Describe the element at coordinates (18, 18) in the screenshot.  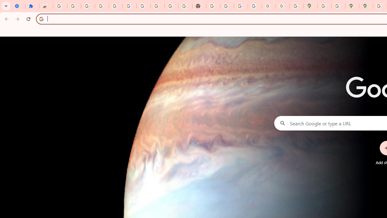
I see `'Forward'` at that location.